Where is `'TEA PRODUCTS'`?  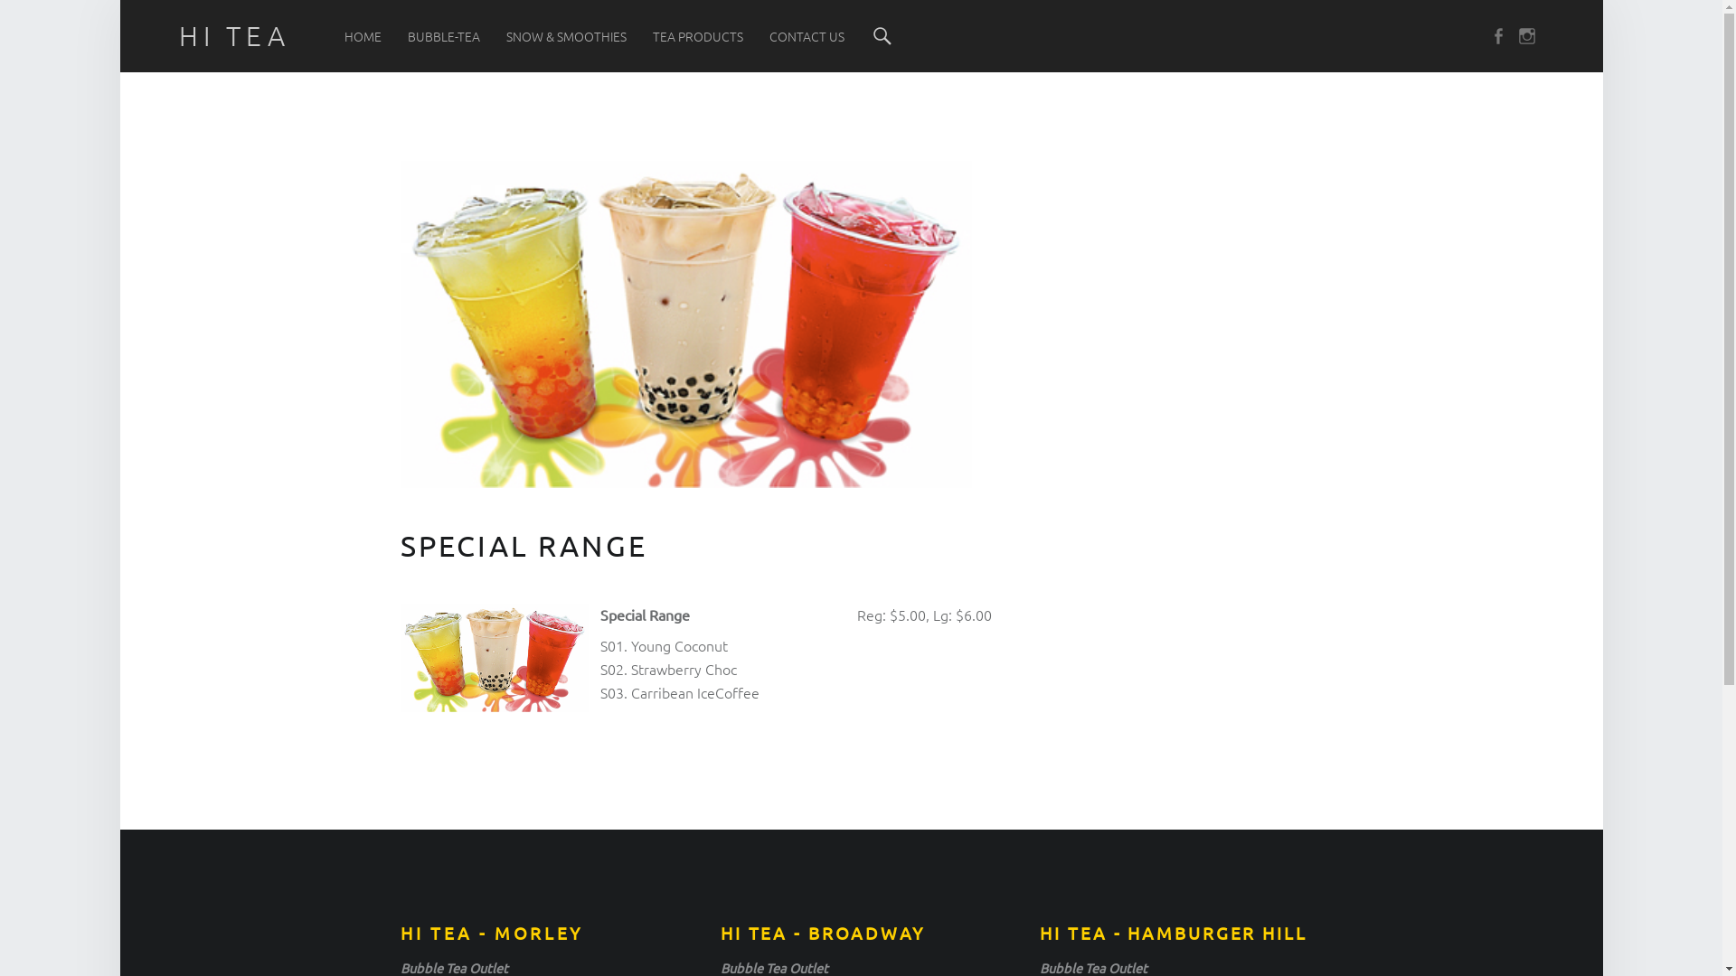 'TEA PRODUCTS' is located at coordinates (697, 35).